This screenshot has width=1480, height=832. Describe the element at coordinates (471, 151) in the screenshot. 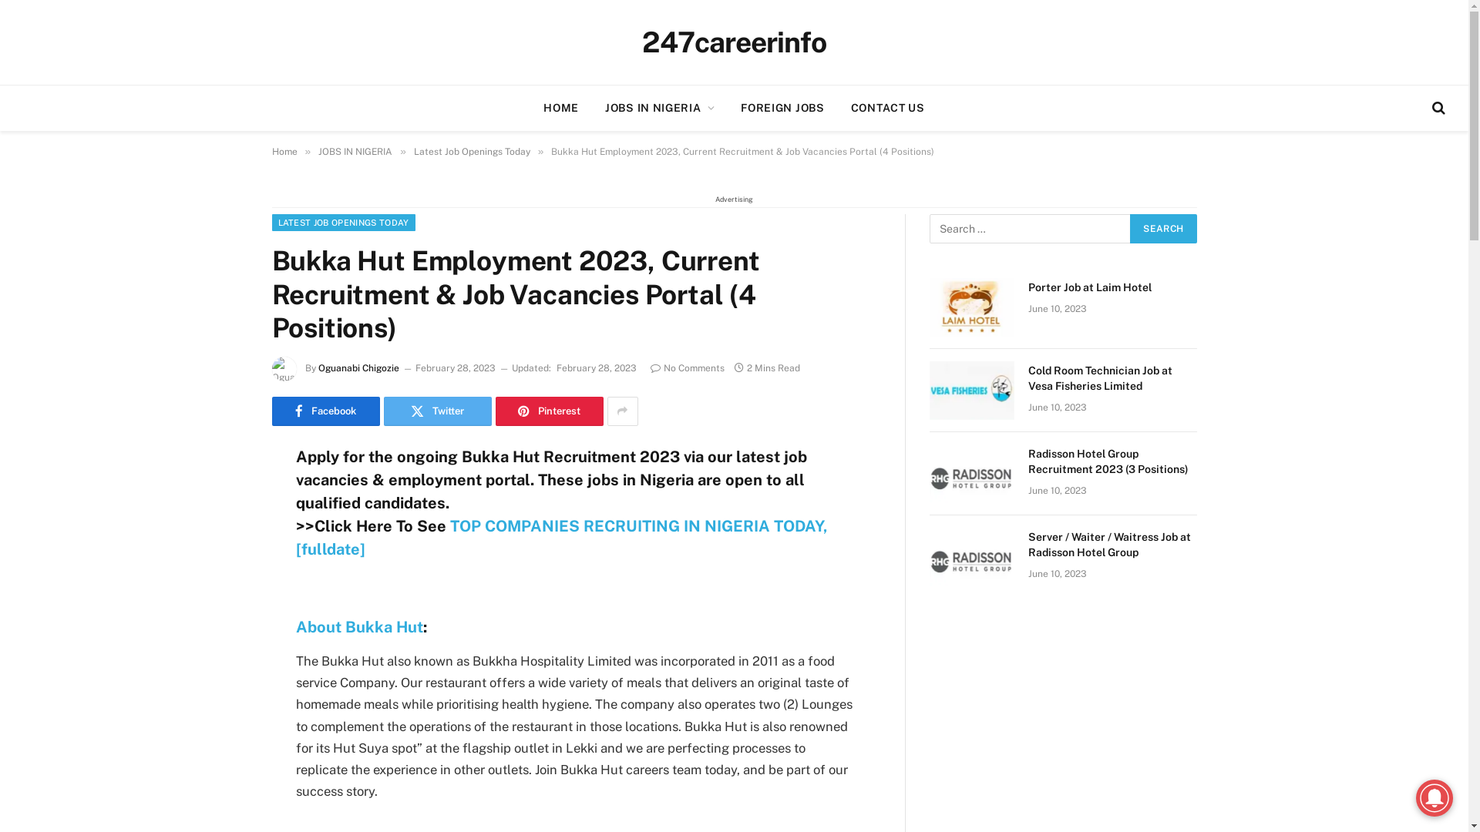

I see `'Latest Job Openings Today'` at that location.